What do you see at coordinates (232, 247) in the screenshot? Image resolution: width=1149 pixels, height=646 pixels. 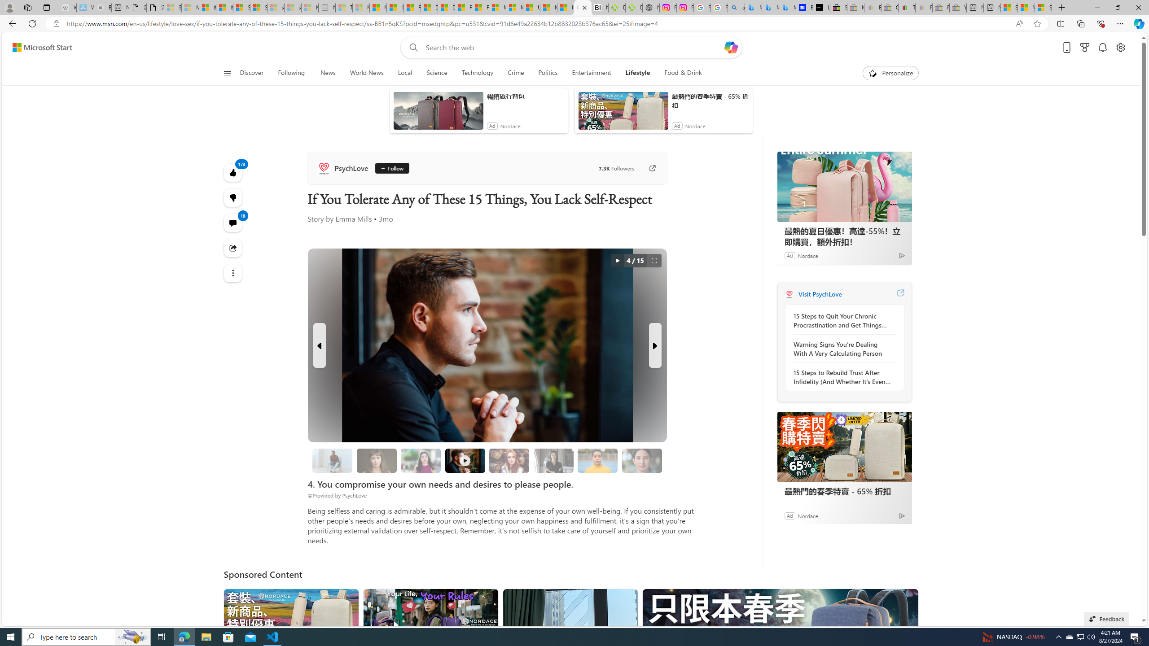 I see `'Share this story'` at bounding box center [232, 247].